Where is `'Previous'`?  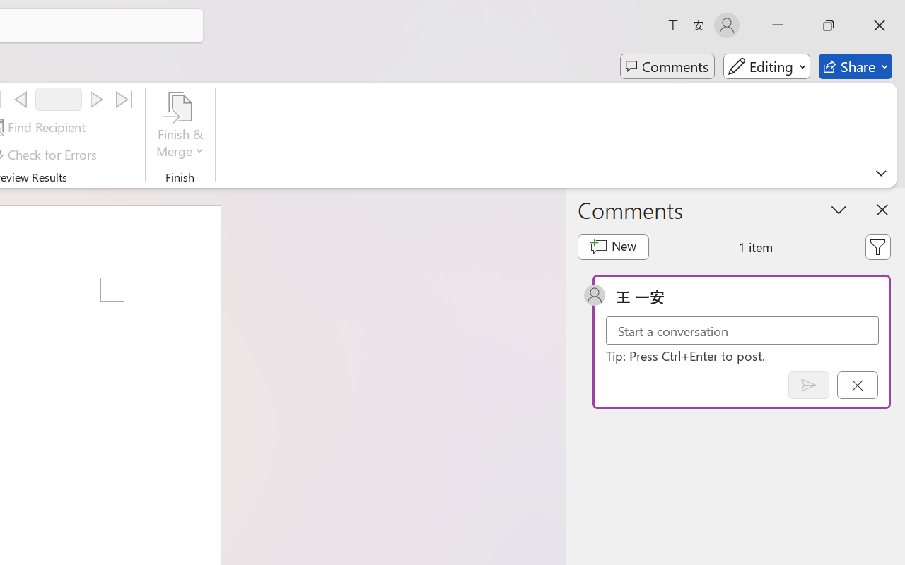 'Previous' is located at coordinates (21, 100).